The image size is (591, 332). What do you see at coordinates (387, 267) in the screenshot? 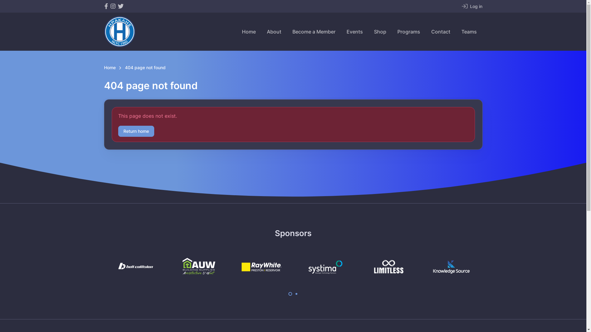
I see `'Limitless Recycling'` at bounding box center [387, 267].